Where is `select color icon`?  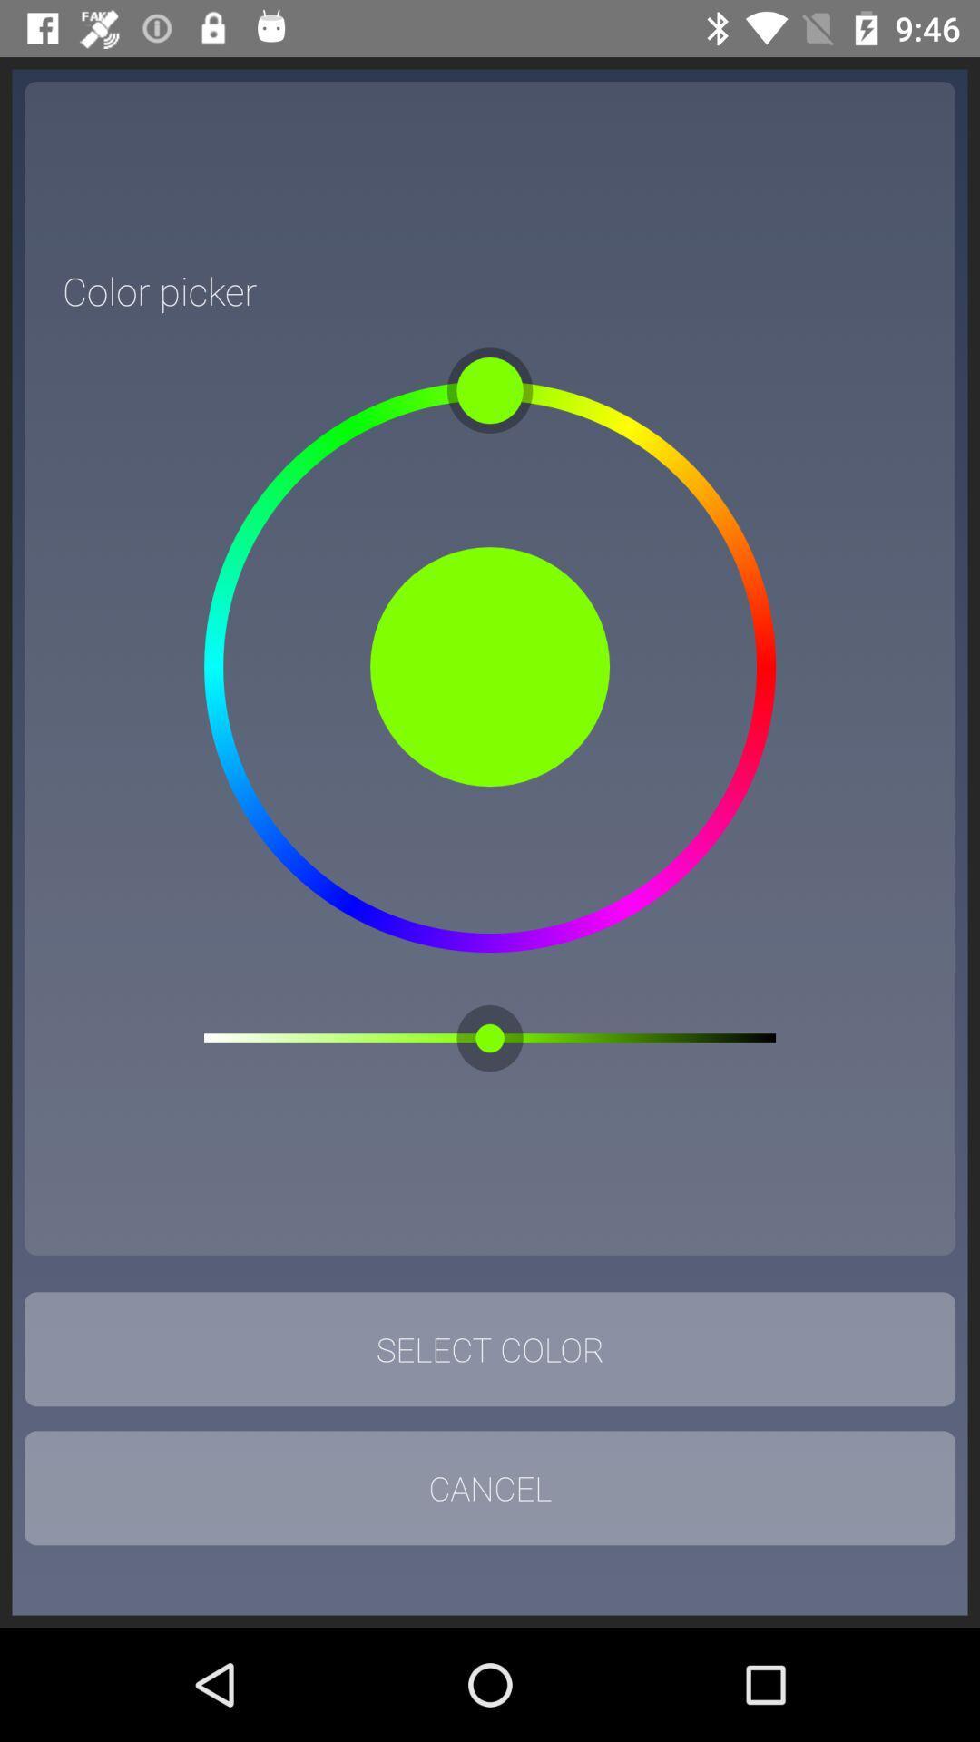 select color icon is located at coordinates (490, 1349).